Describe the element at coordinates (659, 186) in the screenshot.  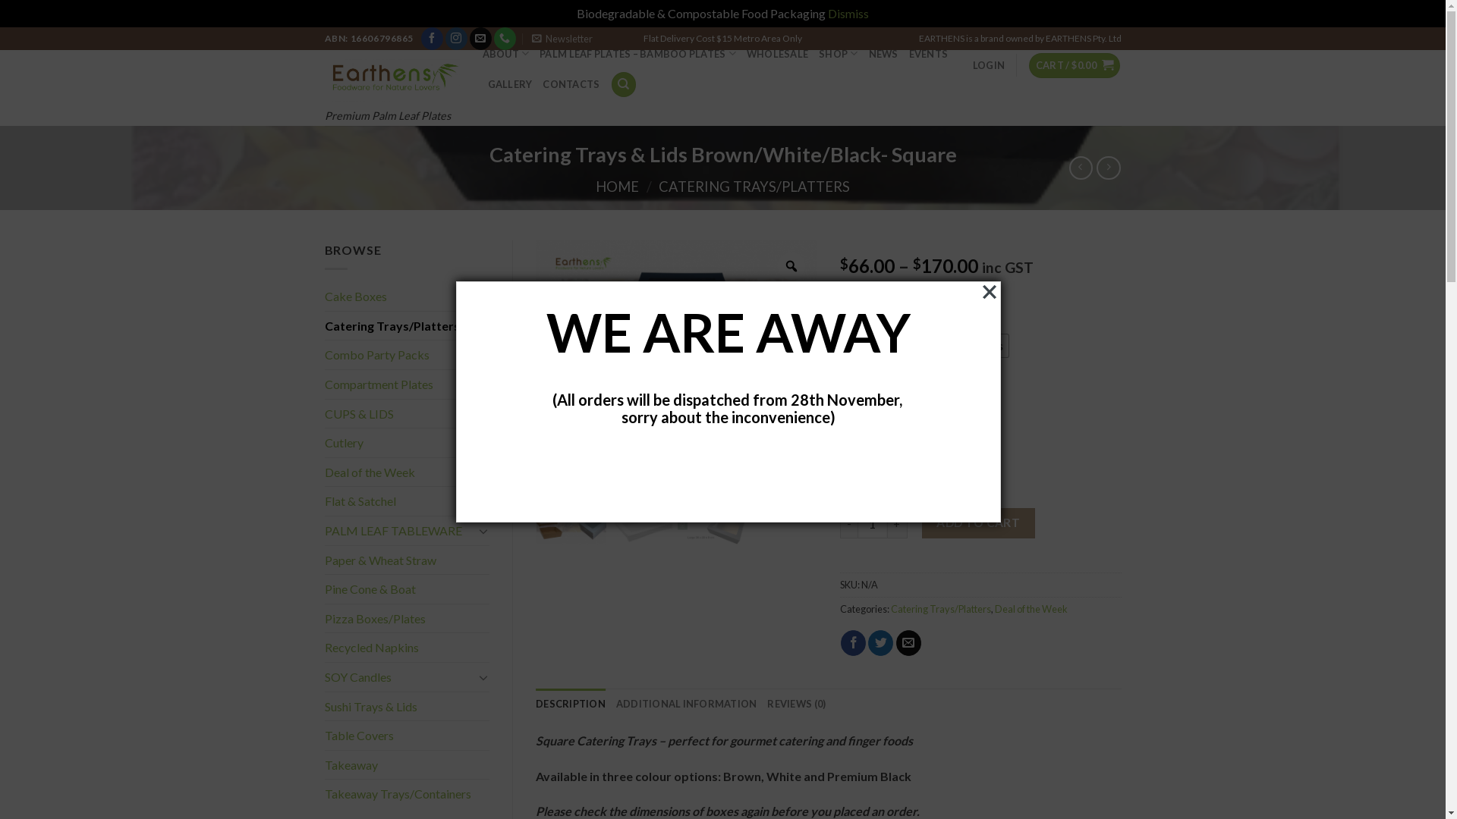
I see `'CATERING TRAYS/PLATTERS'` at that location.